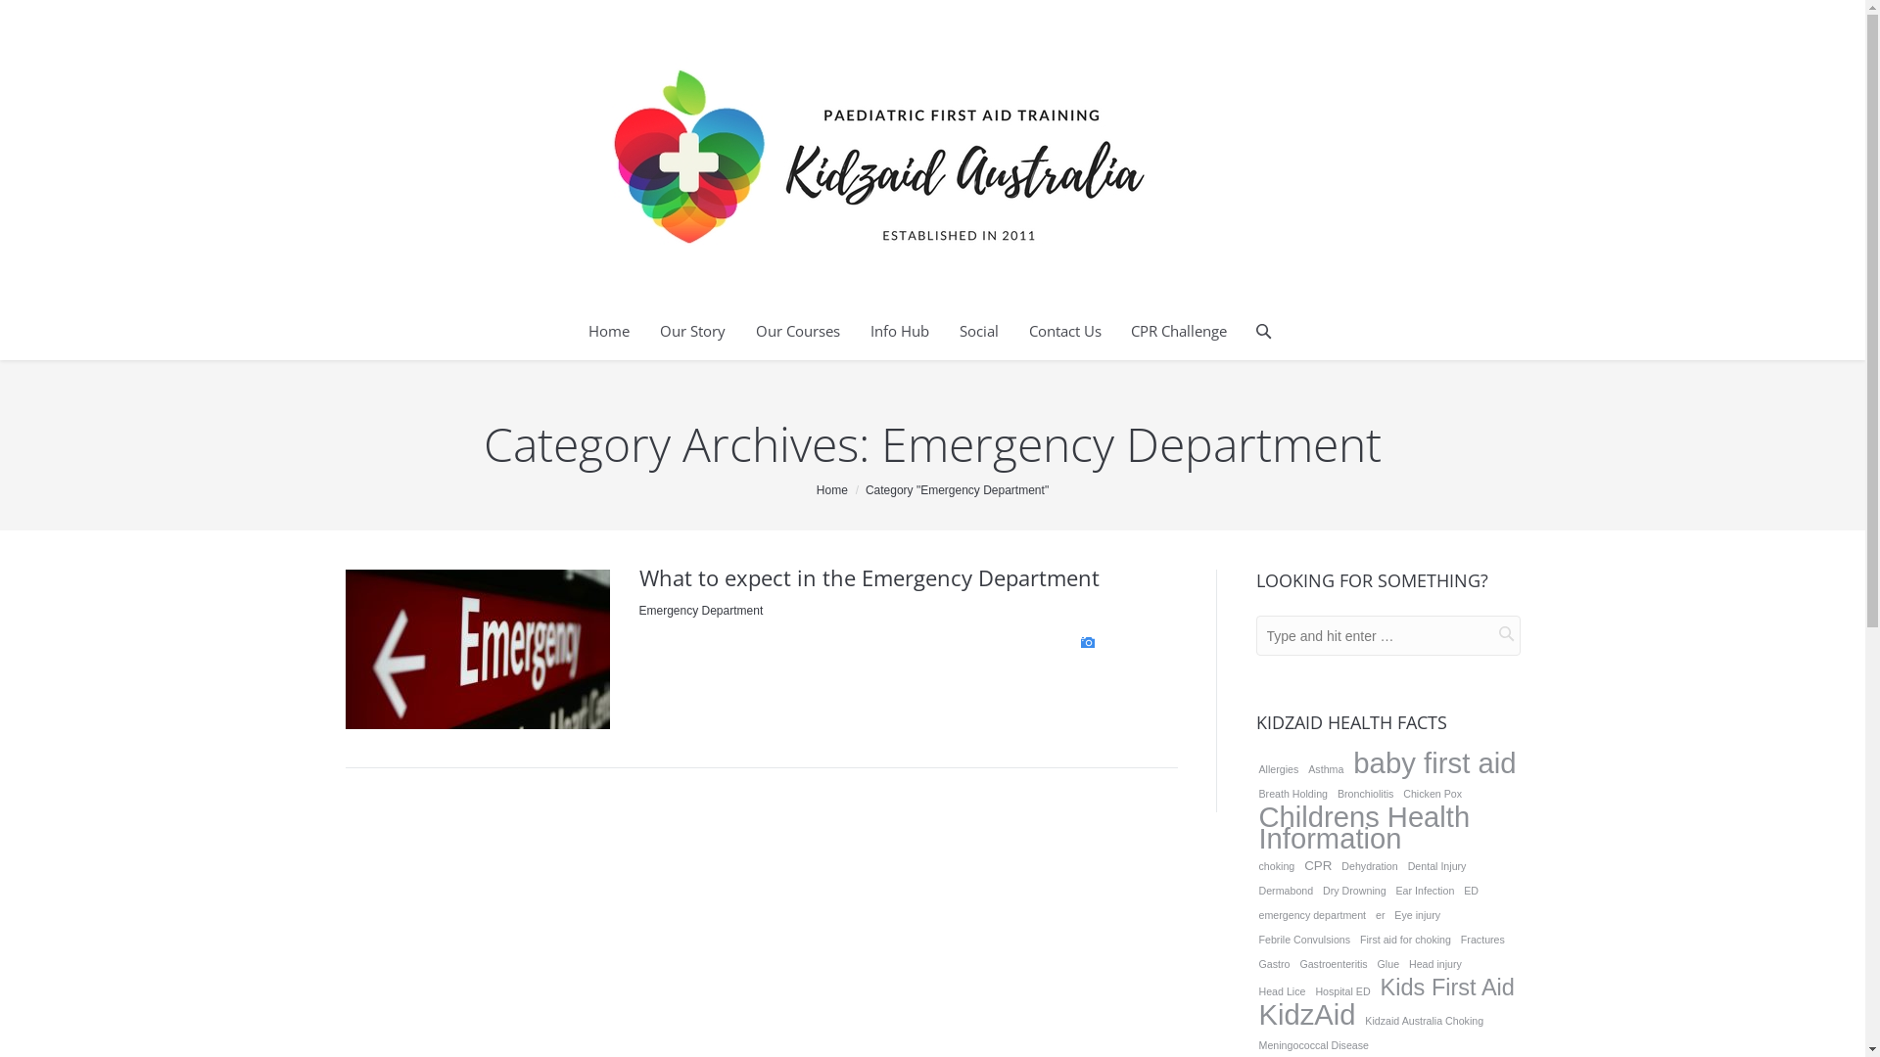  Describe the element at coordinates (1471, 891) in the screenshot. I see `'ED'` at that location.